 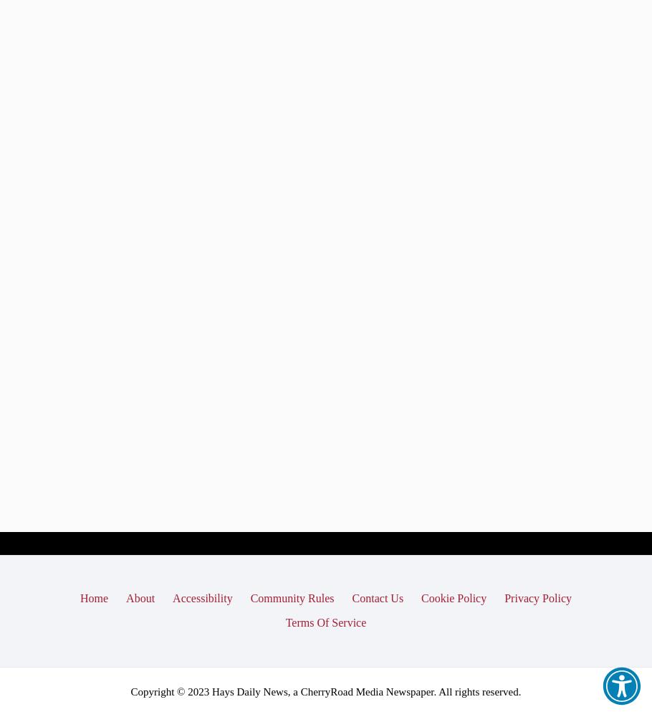 What do you see at coordinates (454, 597) in the screenshot?
I see `'Cookie Policy'` at bounding box center [454, 597].